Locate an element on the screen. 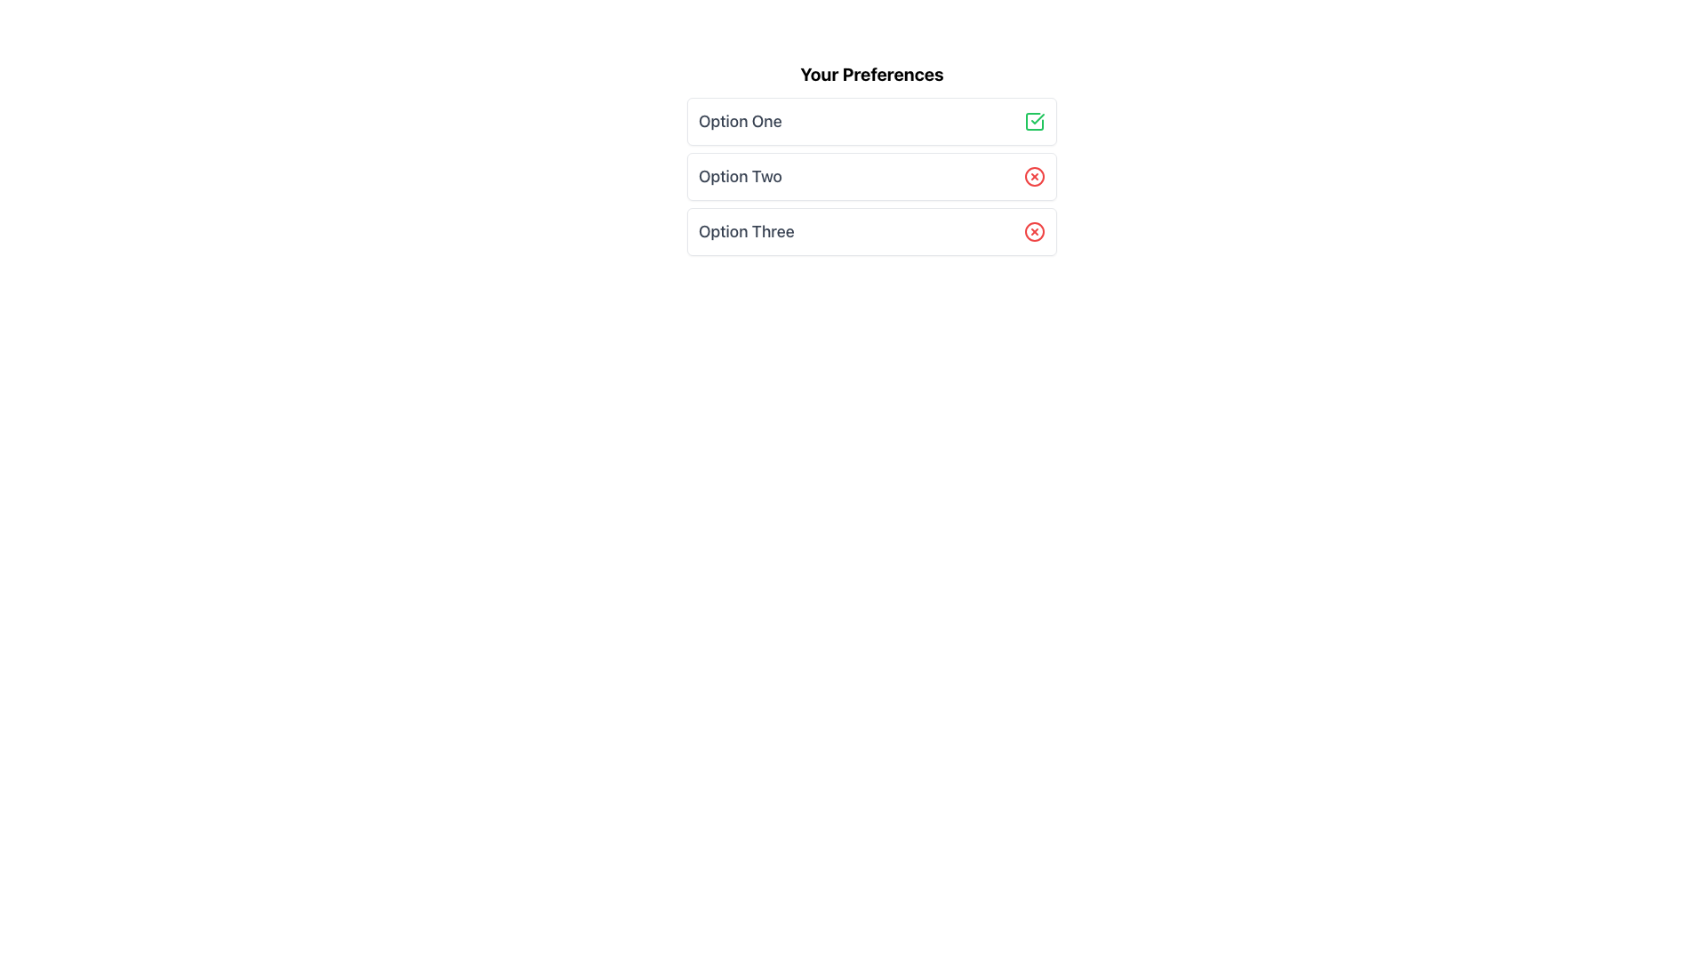  the static text label displaying 'Option One', which is positioned at the top of the list under 'Your Preferences' is located at coordinates (740, 121).